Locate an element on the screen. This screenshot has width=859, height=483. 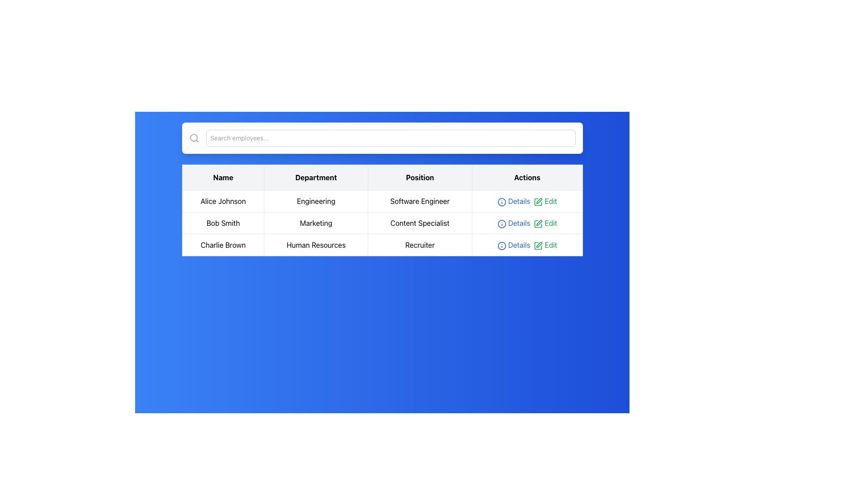
the circular information icon with a blue outline located in the 'Actions' column, to the left of the 'Details' text is located at coordinates (502, 223).